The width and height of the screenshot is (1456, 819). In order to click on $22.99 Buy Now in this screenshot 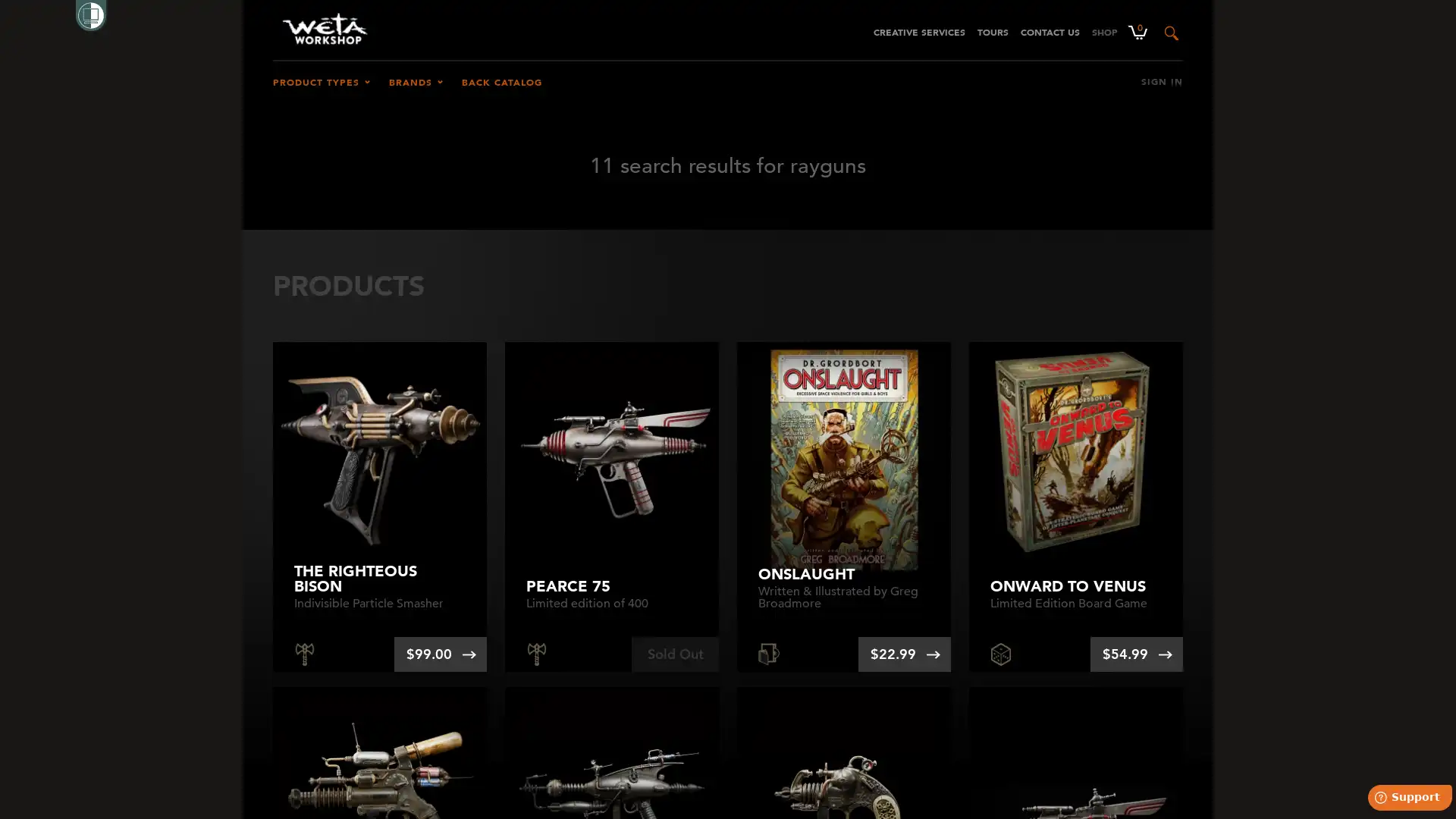, I will do `click(905, 654)`.